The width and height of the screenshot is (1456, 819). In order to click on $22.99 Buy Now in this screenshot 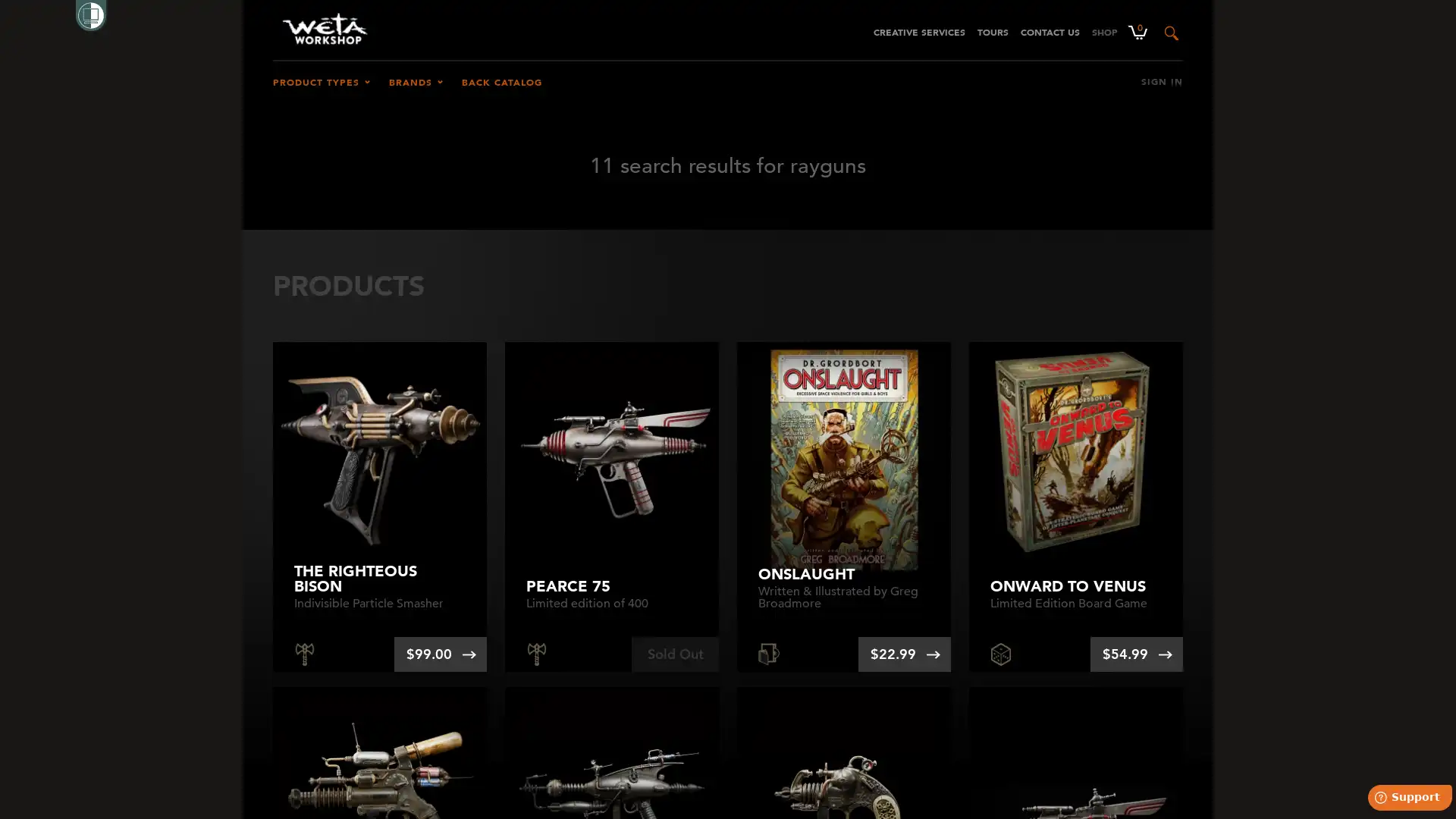, I will do `click(905, 654)`.